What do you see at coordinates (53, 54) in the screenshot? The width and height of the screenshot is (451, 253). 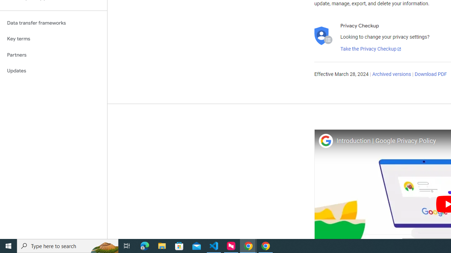 I see `'Partners'` at bounding box center [53, 54].